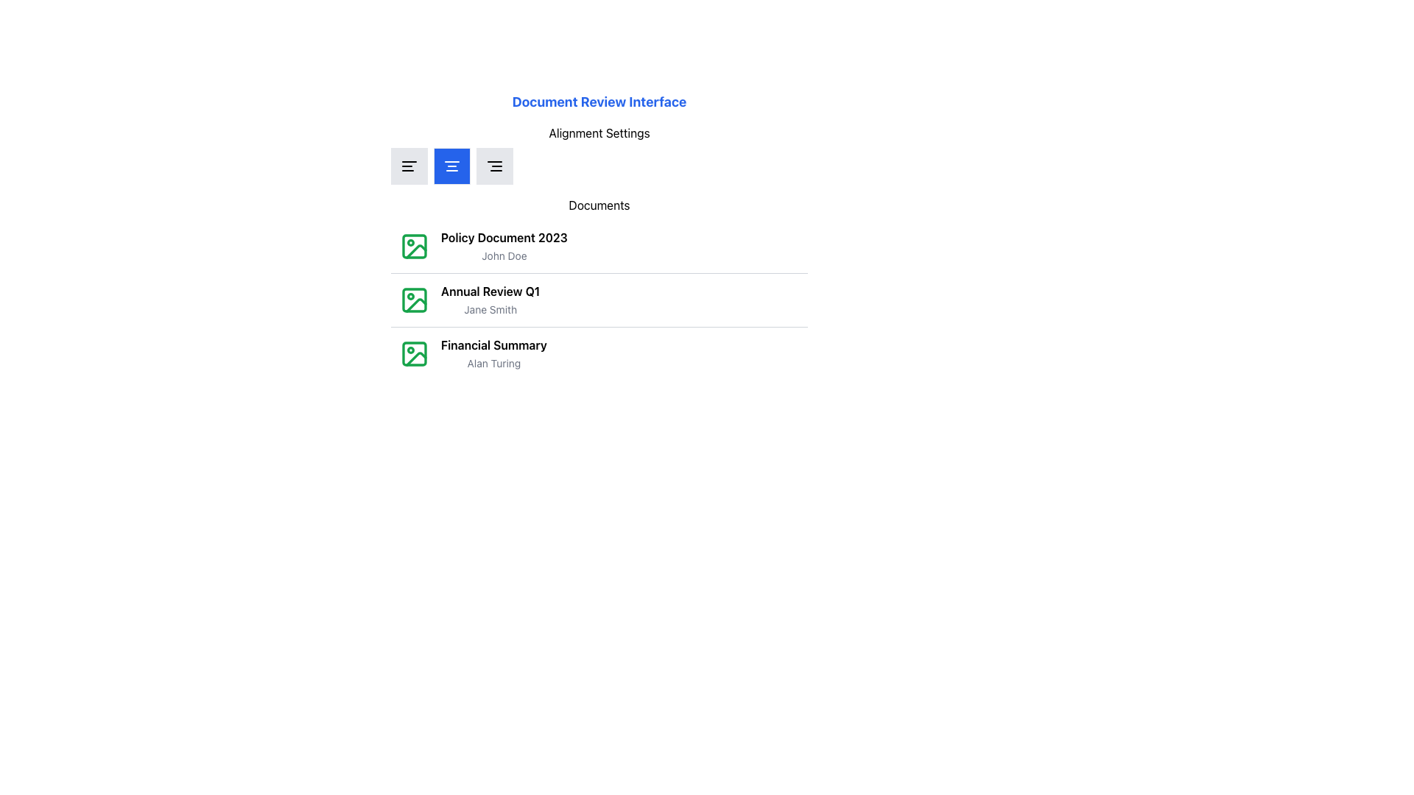 This screenshot has width=1414, height=795. What do you see at coordinates (490, 308) in the screenshot?
I see `the text label displaying 'Jane Smith' which is located beneath the title 'Annual Review Q1'` at bounding box center [490, 308].